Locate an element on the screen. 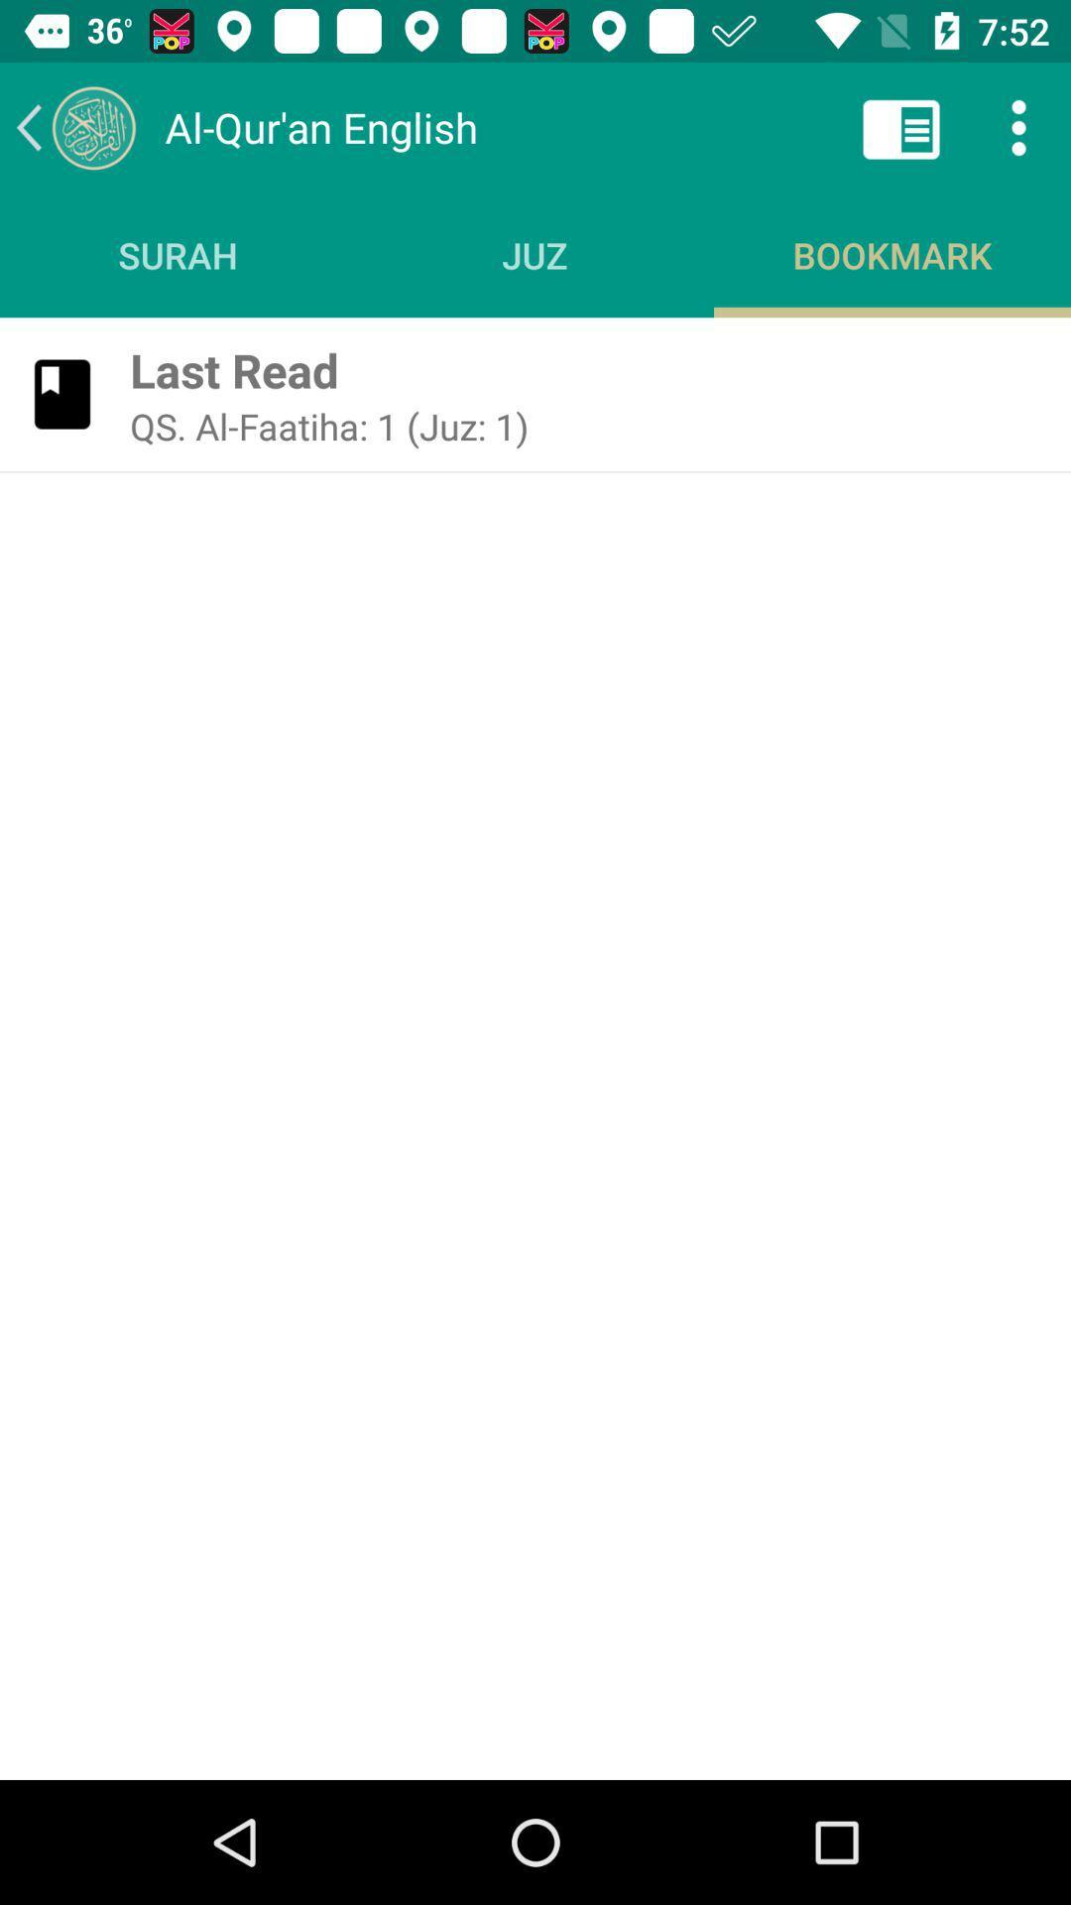 The width and height of the screenshot is (1071, 1905). options menu button is located at coordinates (1018, 126).